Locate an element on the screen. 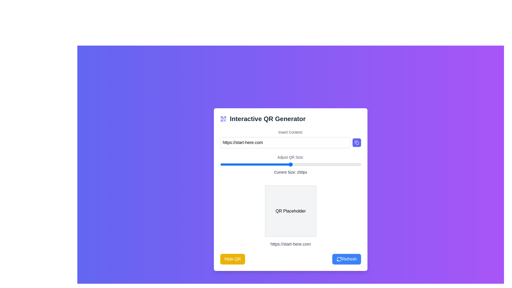  the copy button icon located is located at coordinates (357, 142).